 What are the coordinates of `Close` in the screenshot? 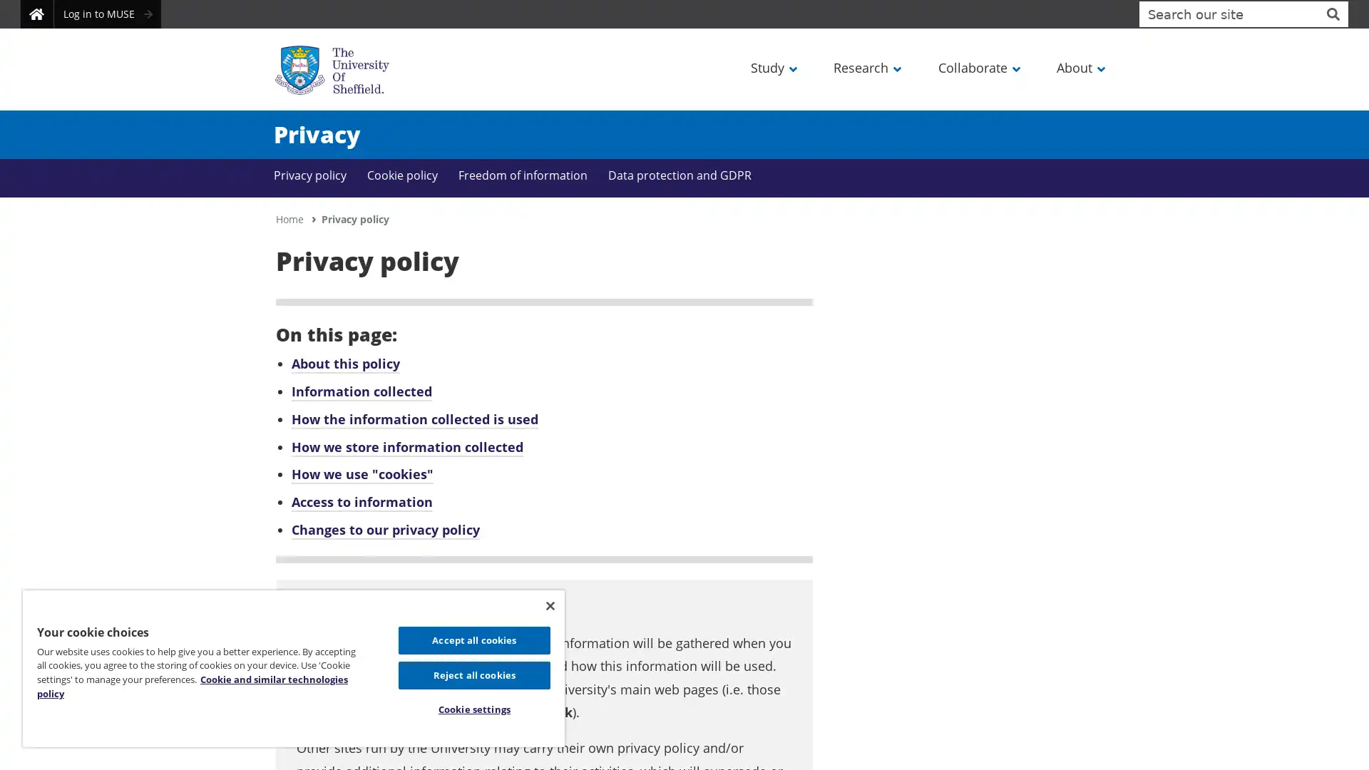 It's located at (549, 605).